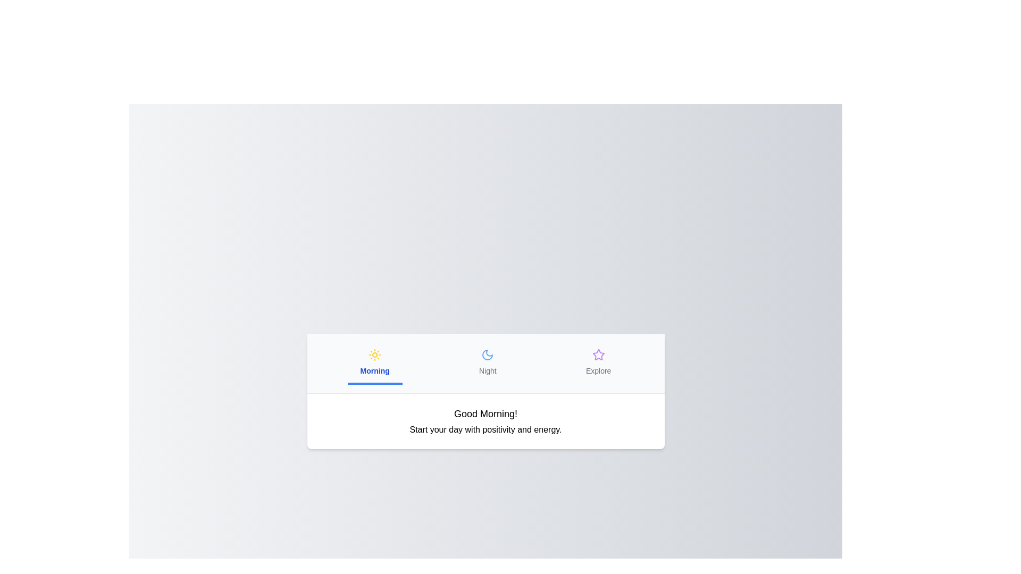 This screenshot has height=574, width=1021. I want to click on the Morning tab by clicking on it, so click(375, 362).